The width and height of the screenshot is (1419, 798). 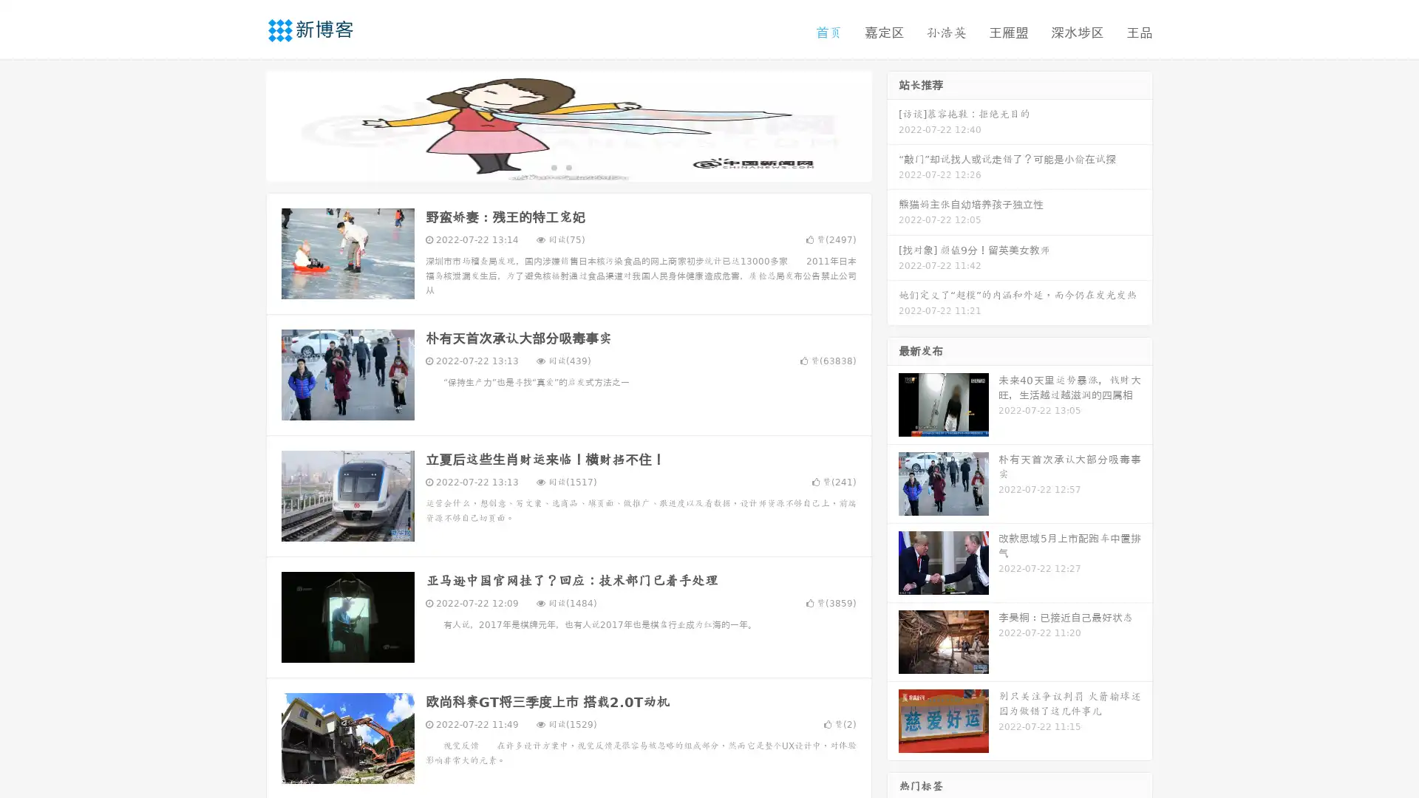 What do you see at coordinates (893, 124) in the screenshot?
I see `Next slide` at bounding box center [893, 124].